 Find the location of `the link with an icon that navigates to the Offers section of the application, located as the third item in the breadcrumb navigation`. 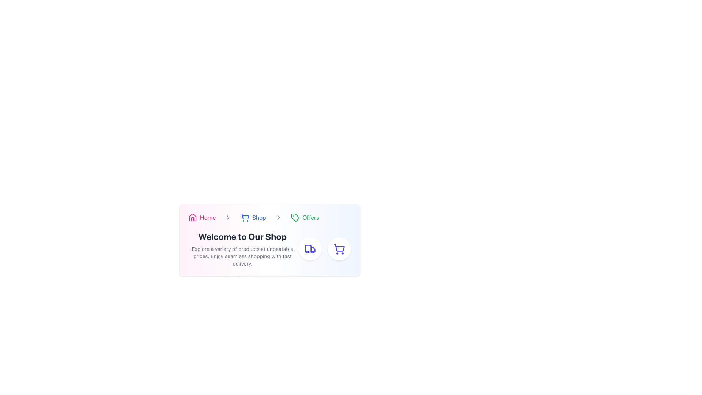

the link with an icon that navigates to the Offers section of the application, located as the third item in the breadcrumb navigation is located at coordinates (305, 217).